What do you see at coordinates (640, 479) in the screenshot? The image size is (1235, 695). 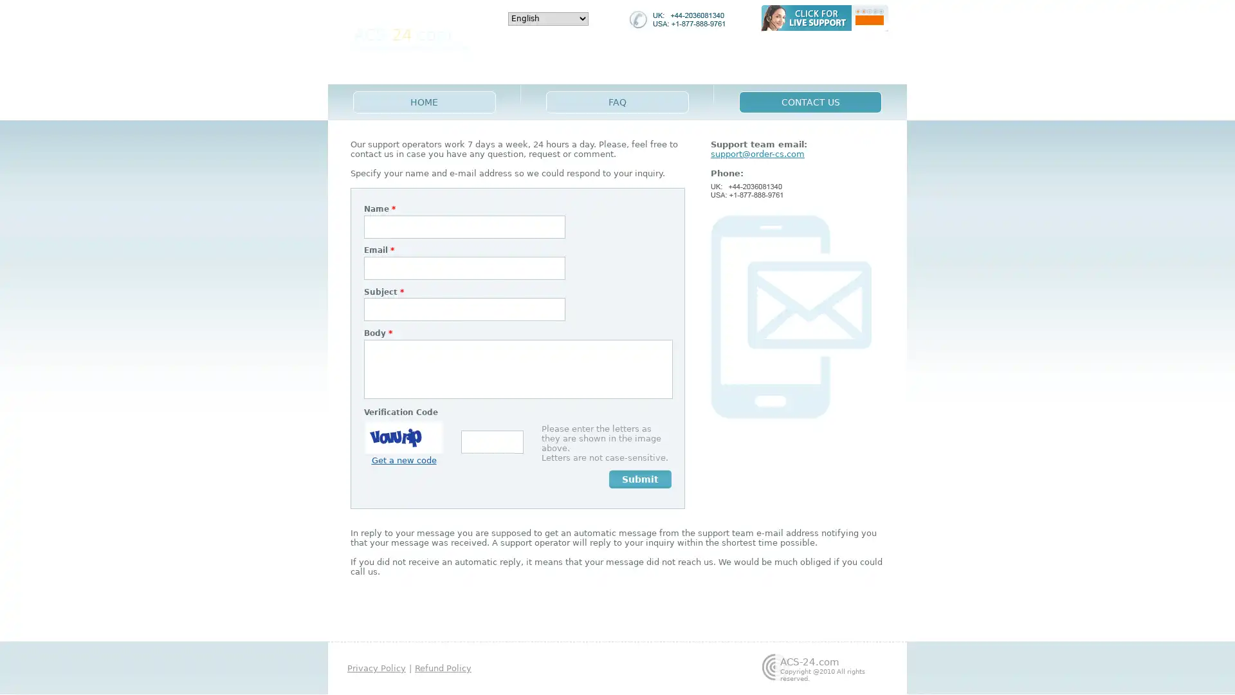 I see `Submit` at bounding box center [640, 479].